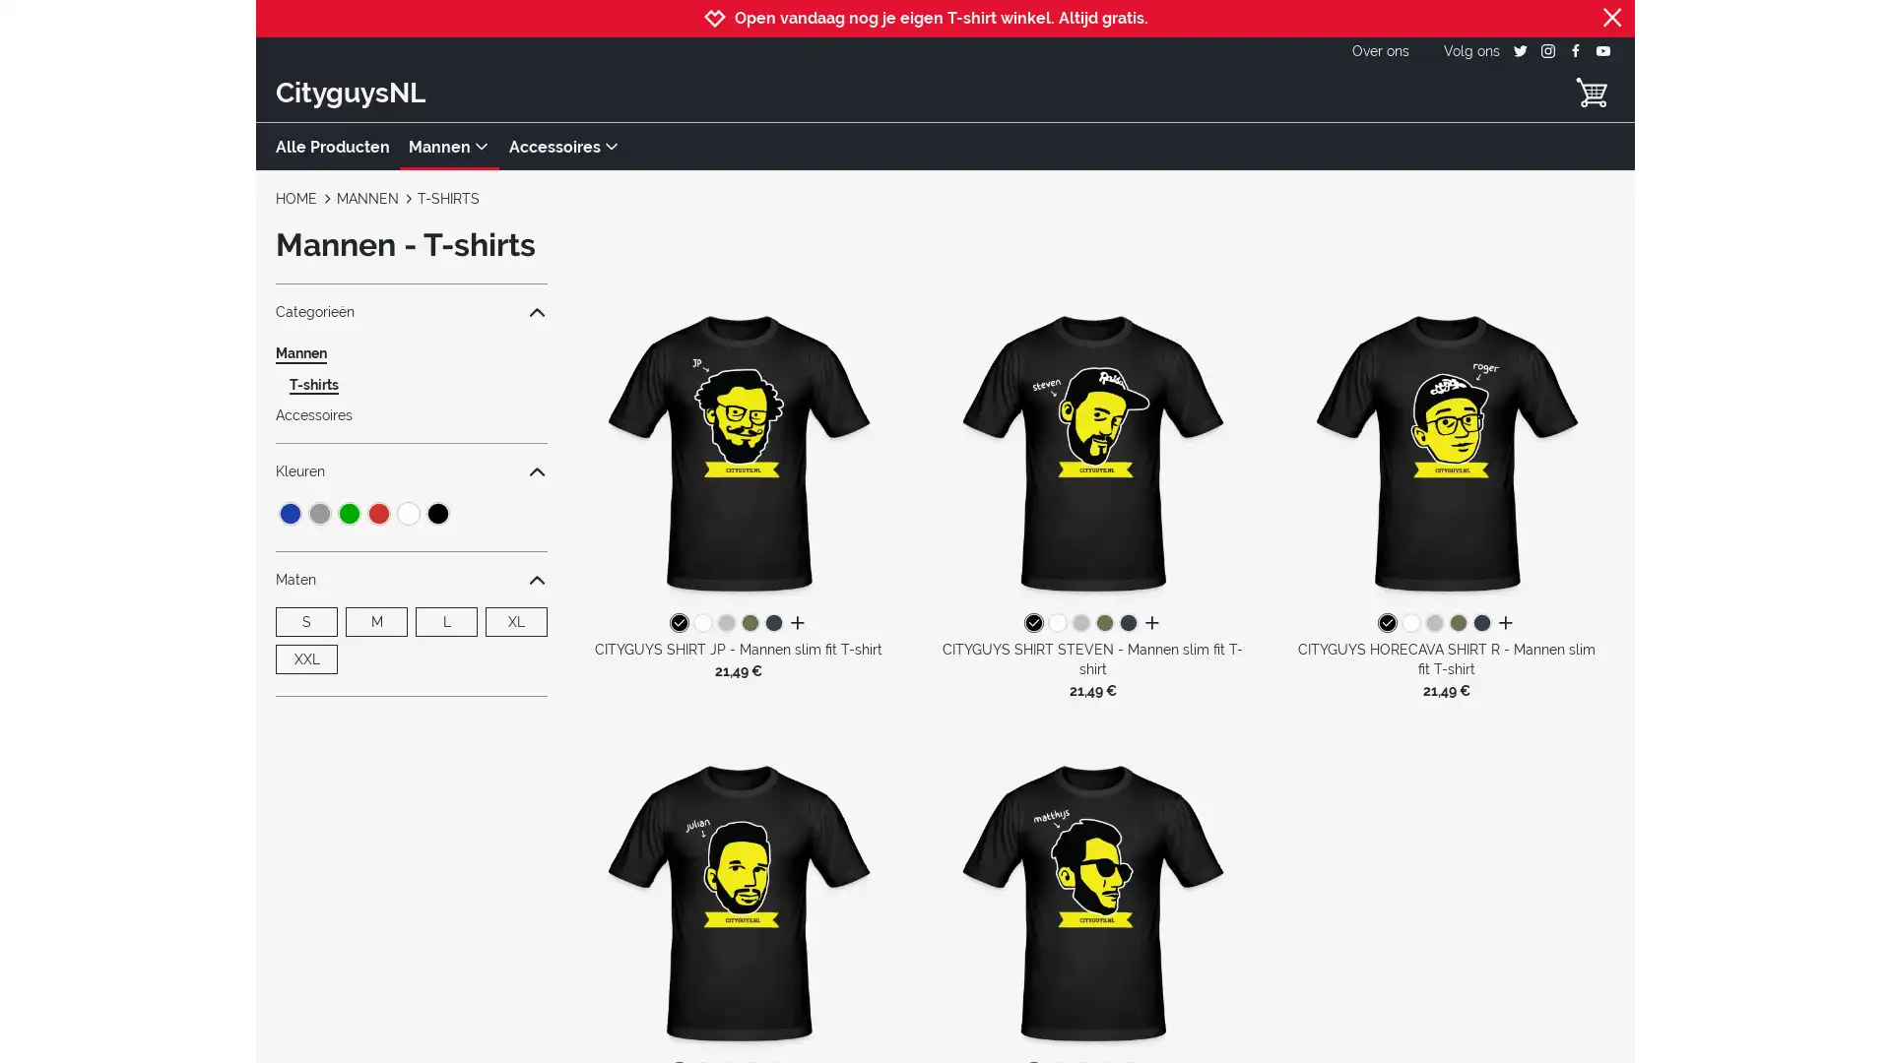  What do you see at coordinates (410, 310) in the screenshot?
I see `Categorieen` at bounding box center [410, 310].